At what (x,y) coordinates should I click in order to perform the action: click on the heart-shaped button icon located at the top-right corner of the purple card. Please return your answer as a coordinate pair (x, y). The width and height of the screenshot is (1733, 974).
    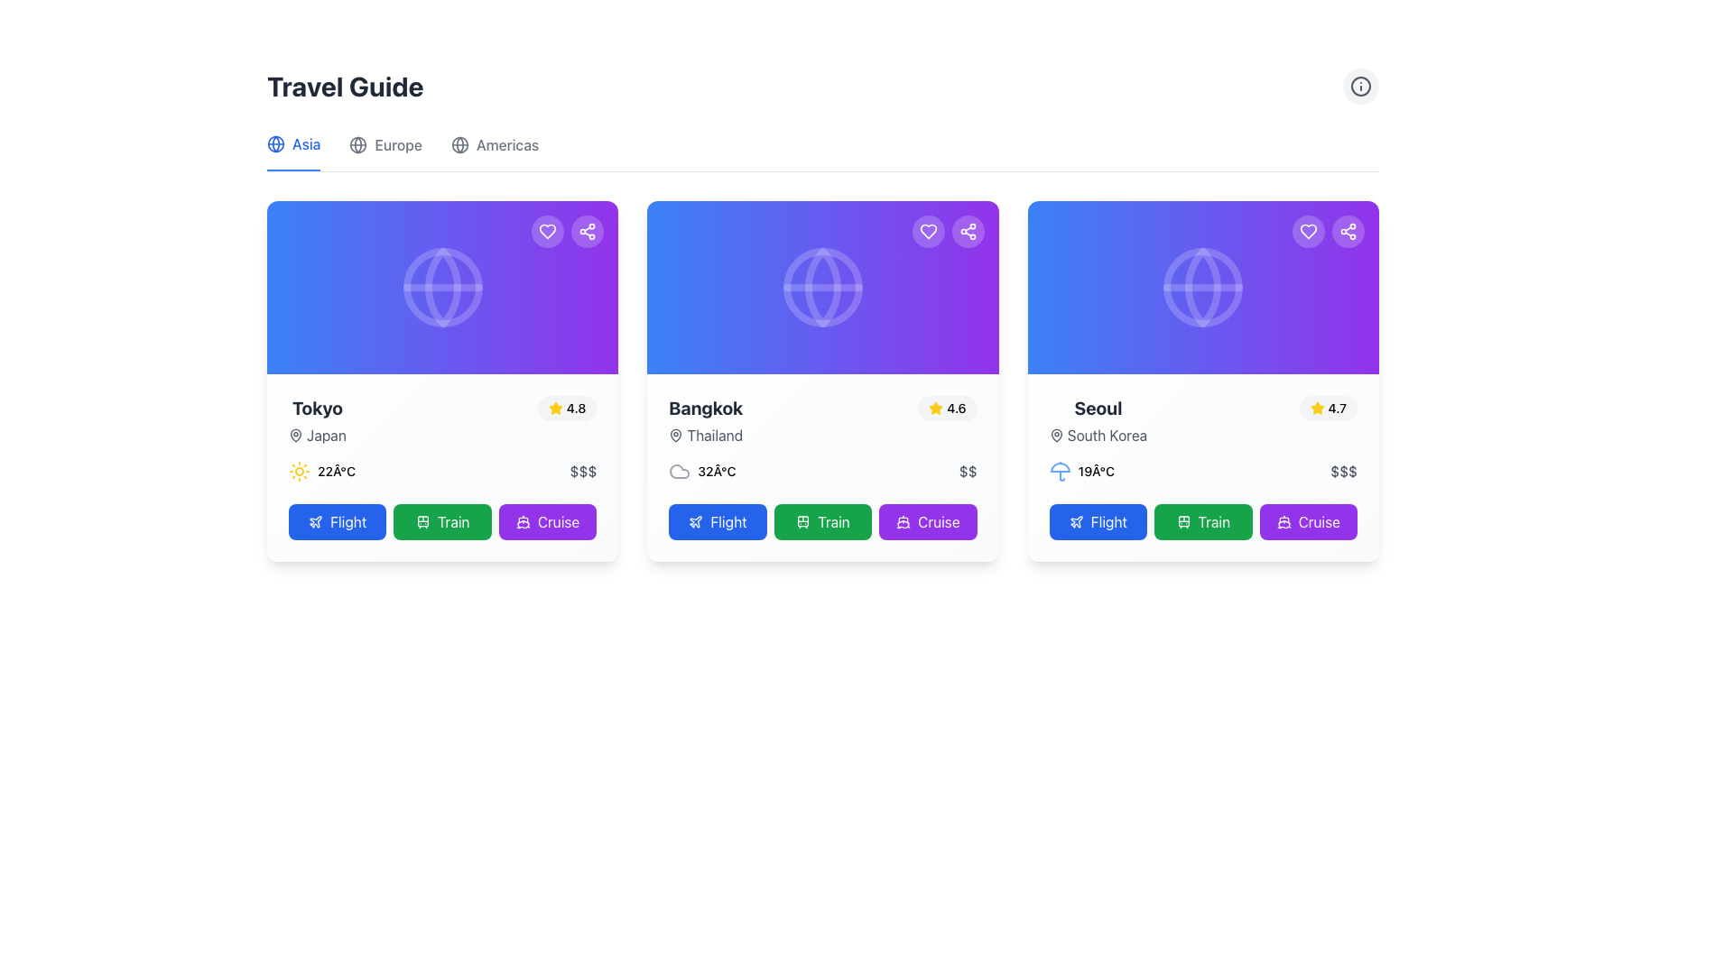
    Looking at the image, I should click on (928, 231).